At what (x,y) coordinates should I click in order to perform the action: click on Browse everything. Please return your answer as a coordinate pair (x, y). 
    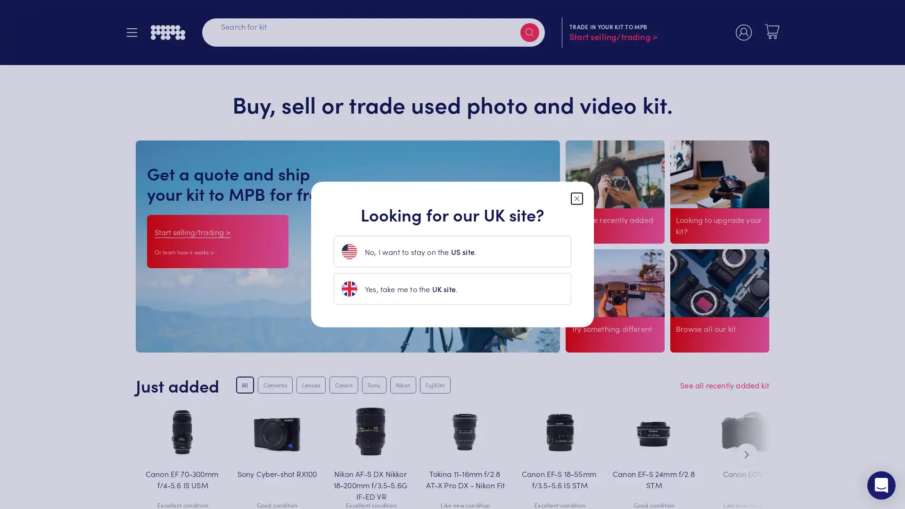
    Looking at the image, I should click on (708, 342).